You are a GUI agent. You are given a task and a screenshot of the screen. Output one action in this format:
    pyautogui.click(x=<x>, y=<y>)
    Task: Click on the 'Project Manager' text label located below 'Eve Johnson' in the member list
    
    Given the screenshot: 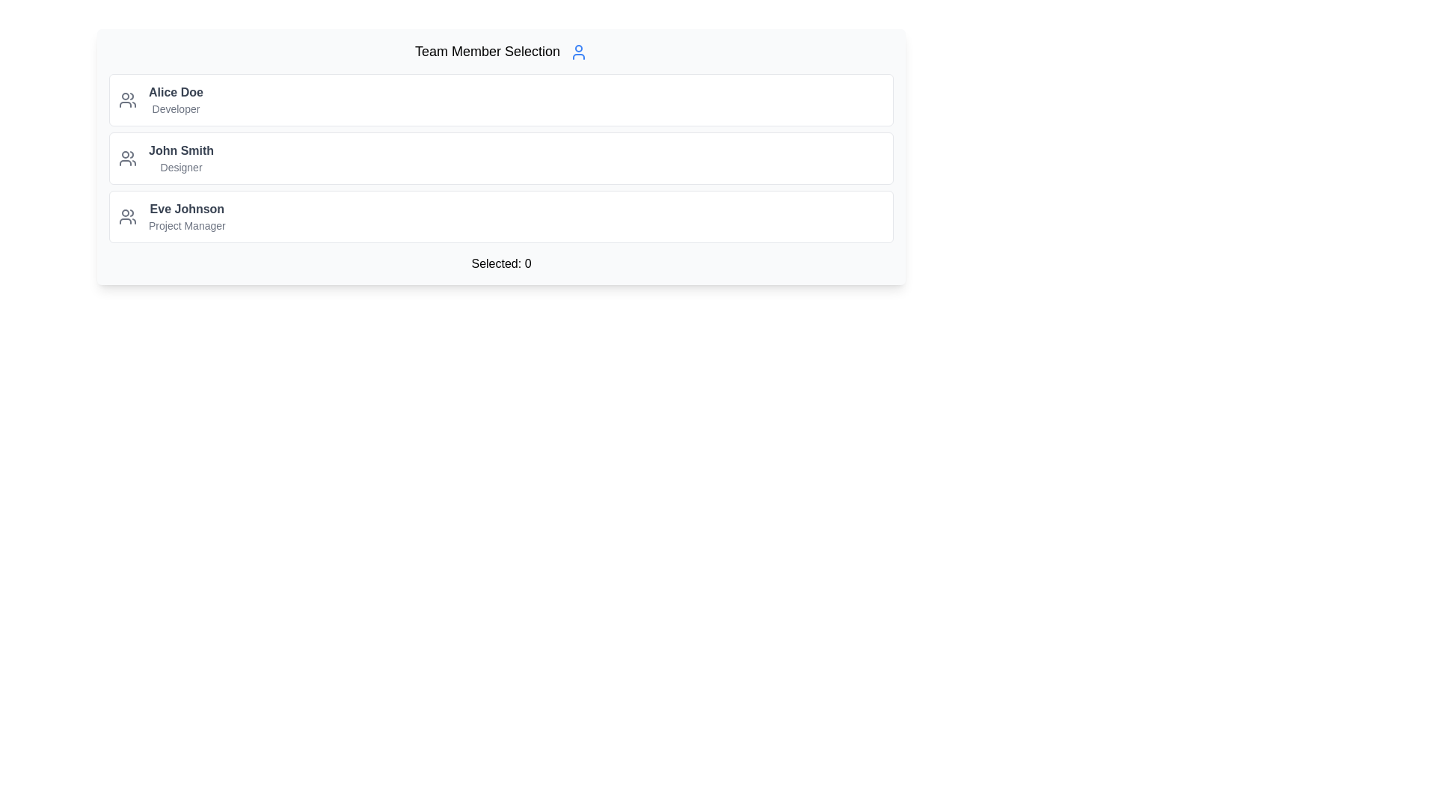 What is the action you would take?
    pyautogui.click(x=186, y=225)
    